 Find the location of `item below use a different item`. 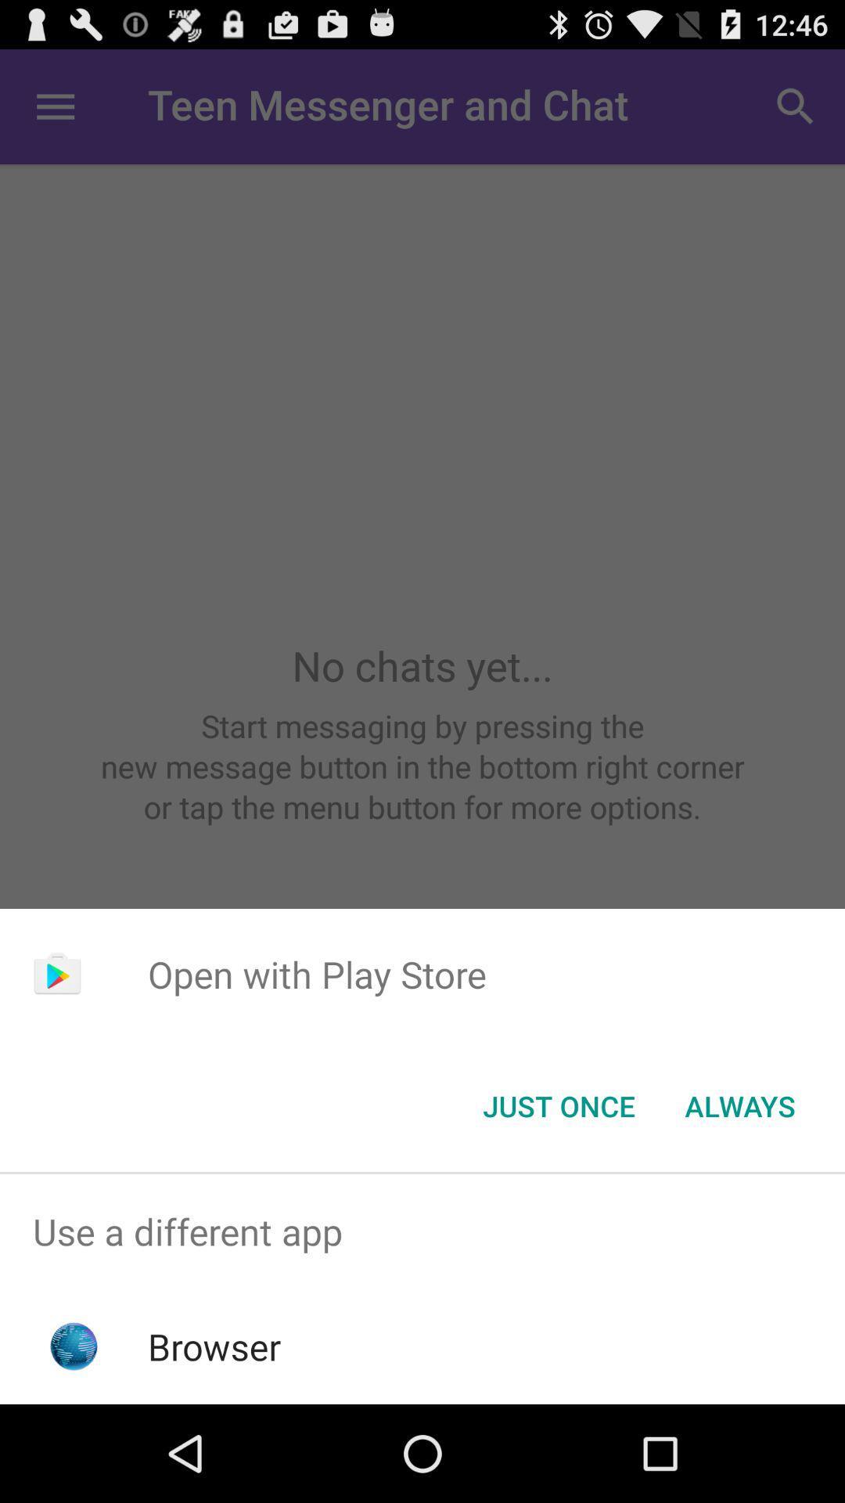

item below use a different item is located at coordinates (214, 1346).